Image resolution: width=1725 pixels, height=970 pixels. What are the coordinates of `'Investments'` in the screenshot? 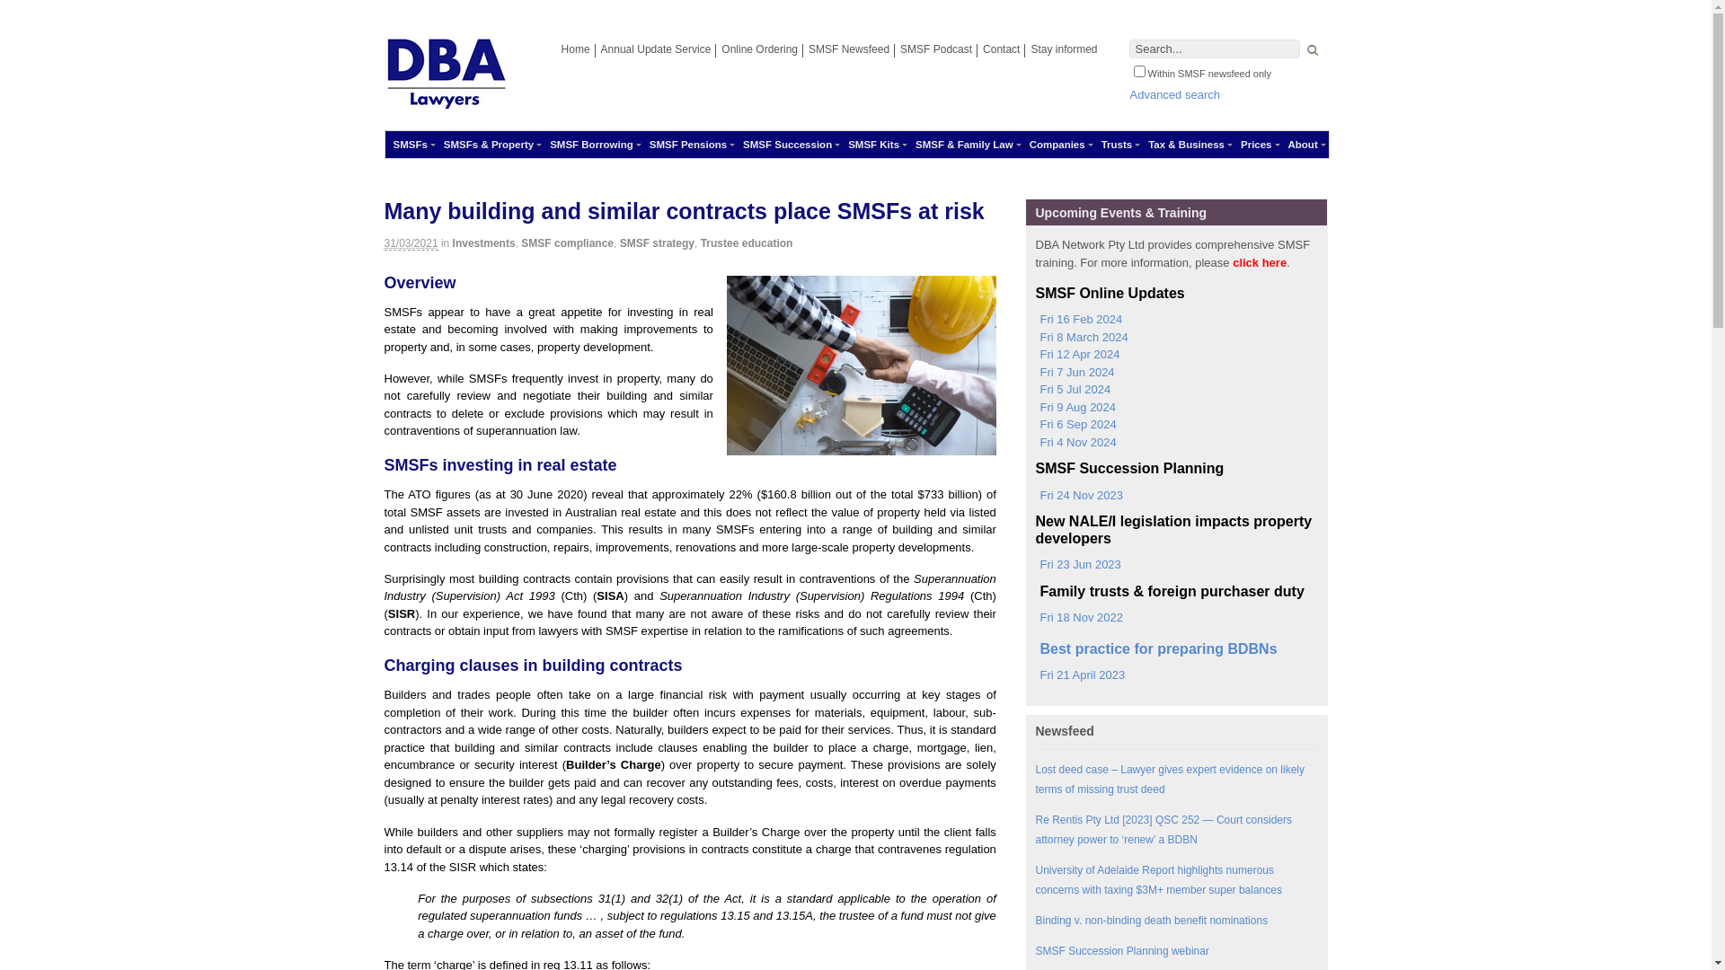 It's located at (483, 242).